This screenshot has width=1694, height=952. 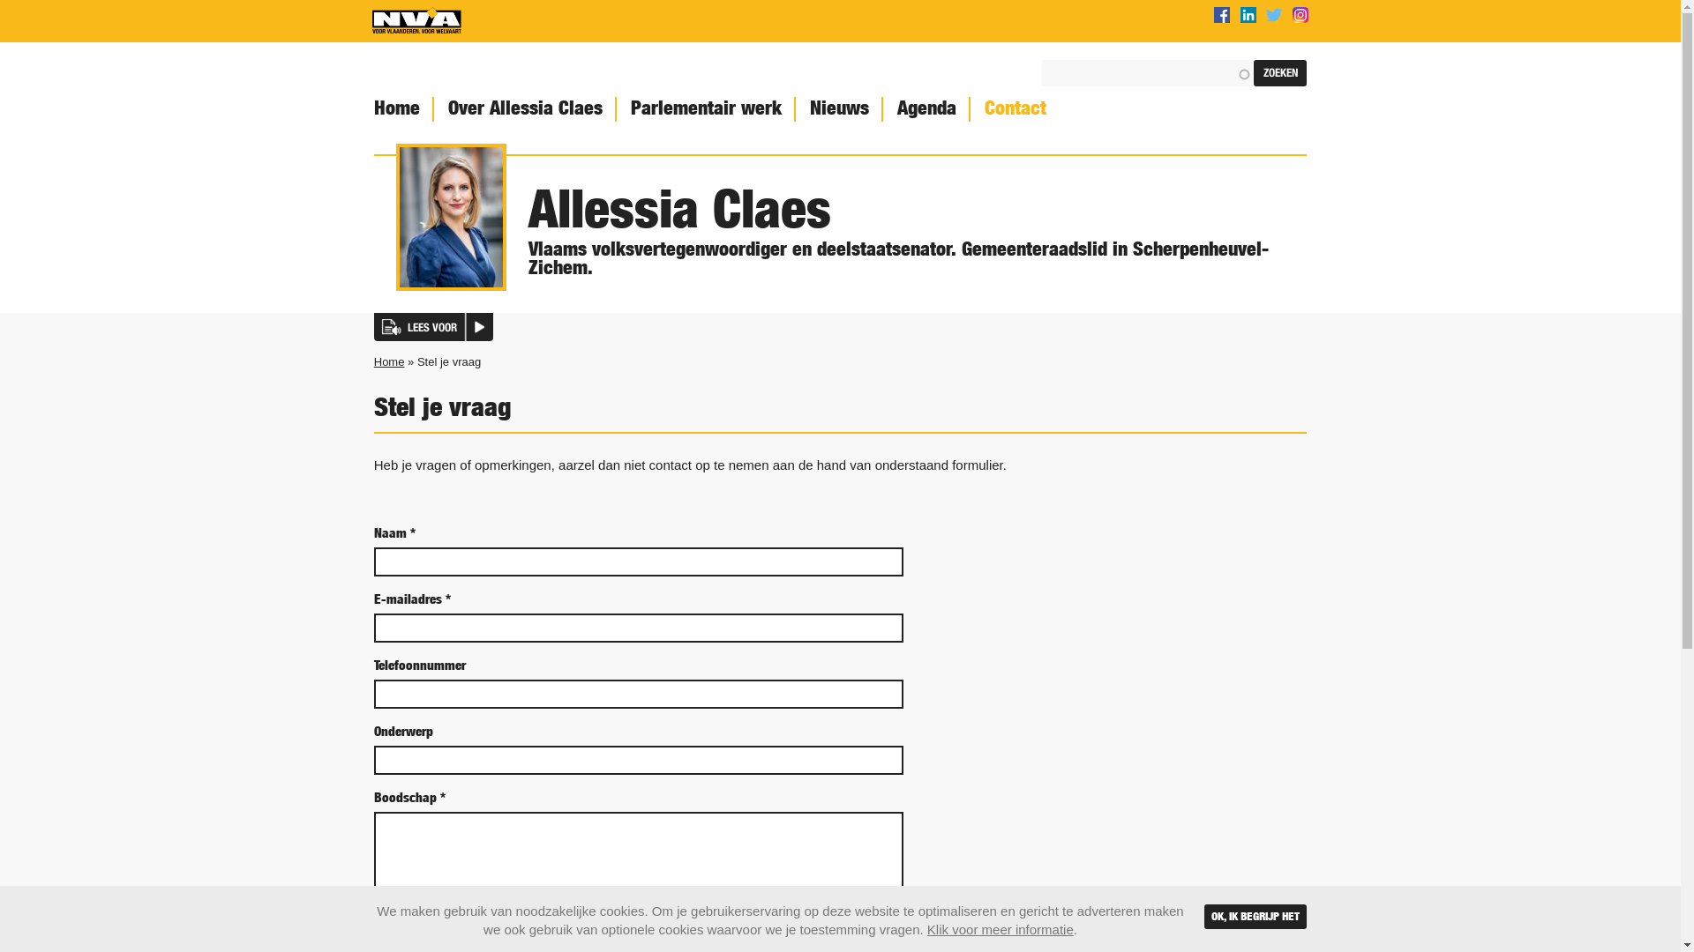 What do you see at coordinates (703, 108) in the screenshot?
I see `'Parlementair werk'` at bounding box center [703, 108].